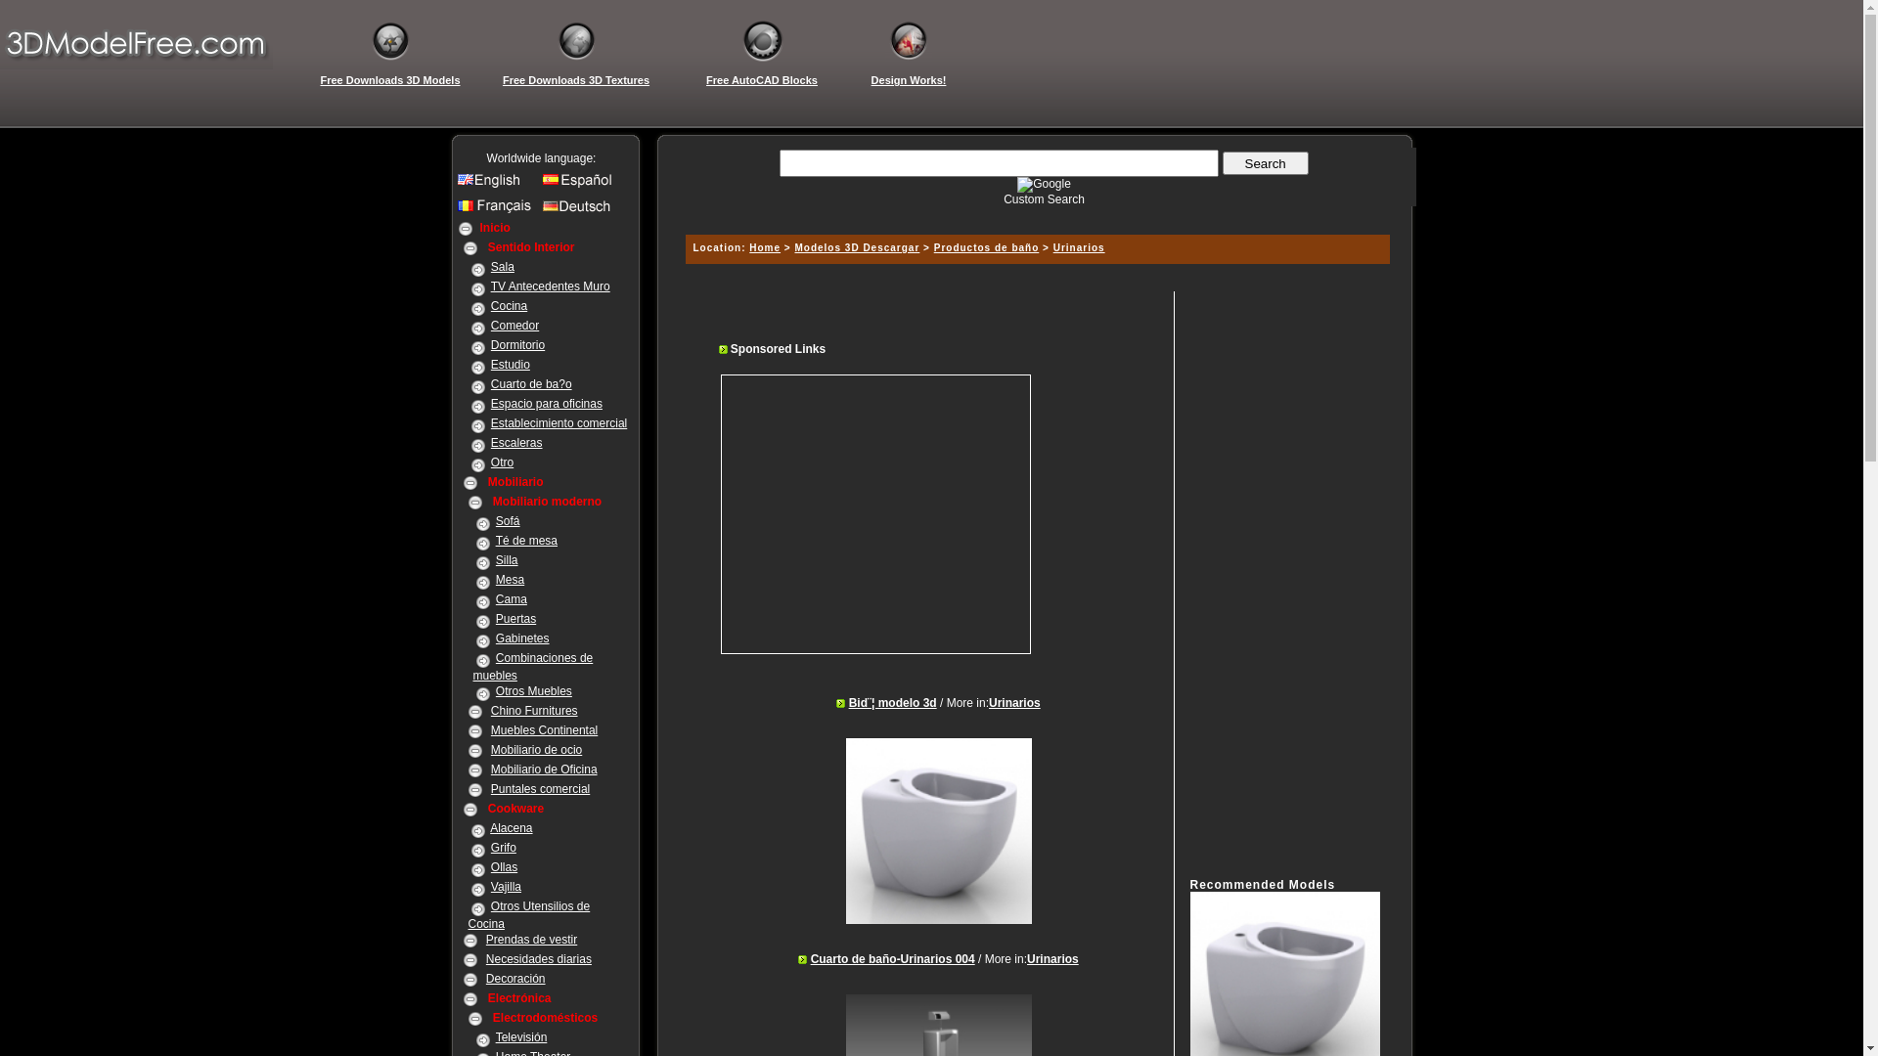 The width and height of the screenshot is (1878, 1056). What do you see at coordinates (491, 462) in the screenshot?
I see `'Otro'` at bounding box center [491, 462].